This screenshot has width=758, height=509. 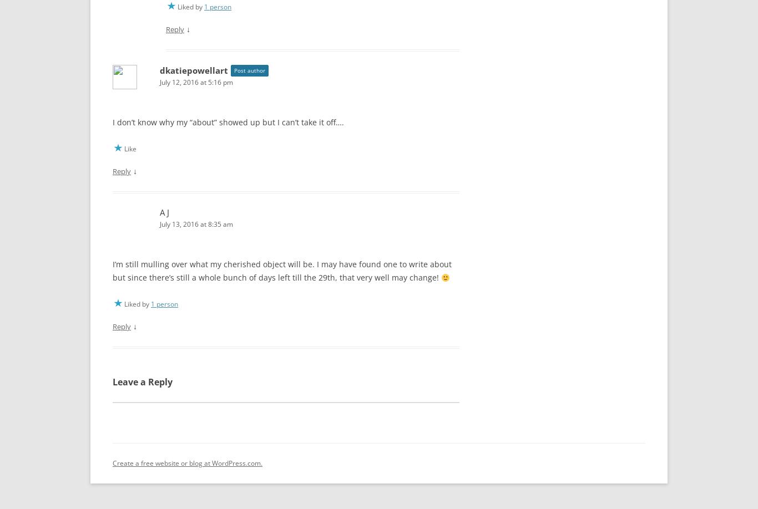 What do you see at coordinates (282, 268) in the screenshot?
I see `'I’m still mulling over what my cherished object will be. I may have found one to write about but since there’s still a whole bunch of days left till the 29th, that very well may change!'` at bounding box center [282, 268].